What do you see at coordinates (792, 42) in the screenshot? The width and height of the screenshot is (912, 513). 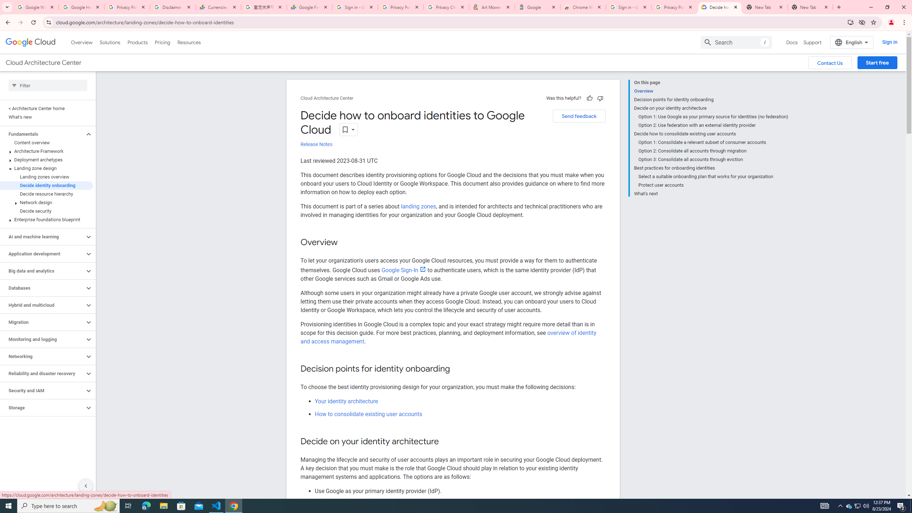 I see `'Docs, selected'` at bounding box center [792, 42].